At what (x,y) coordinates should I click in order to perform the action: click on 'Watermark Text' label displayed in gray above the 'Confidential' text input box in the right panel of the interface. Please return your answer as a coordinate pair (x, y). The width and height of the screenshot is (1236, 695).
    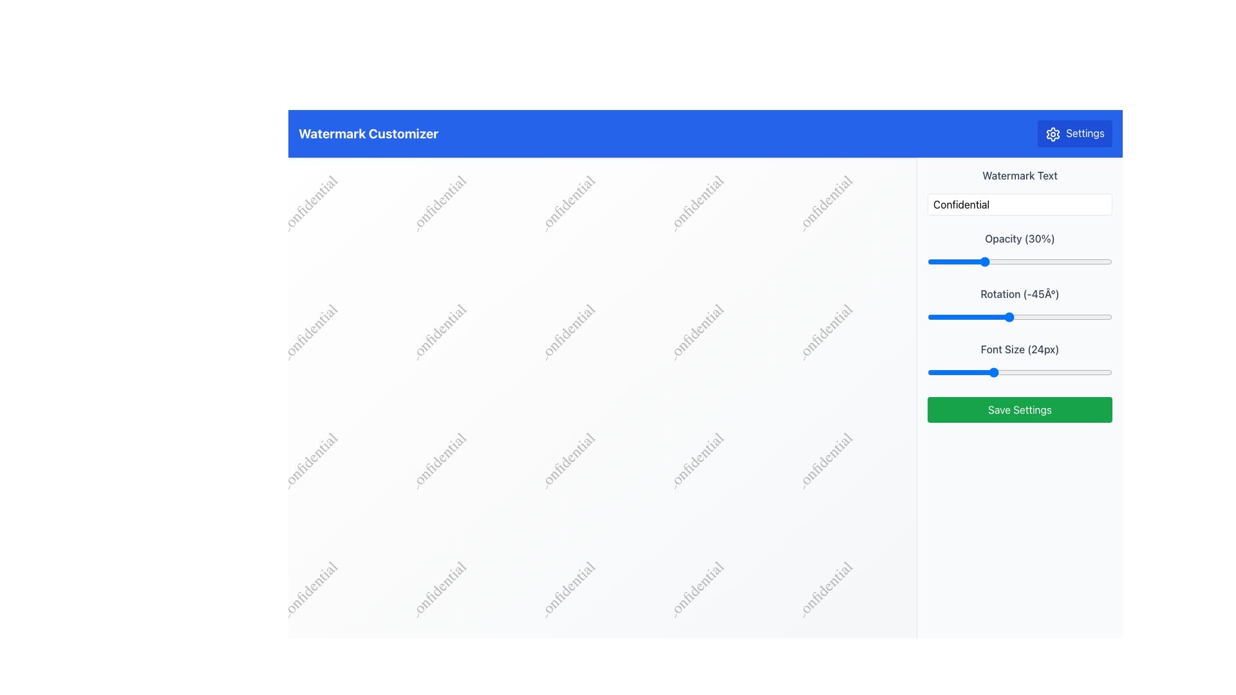
    Looking at the image, I should click on (1019, 175).